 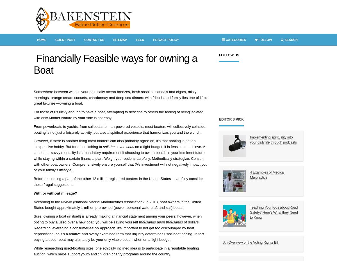 I want to click on '4 Examples of Medical Malpractice', so click(x=250, y=175).